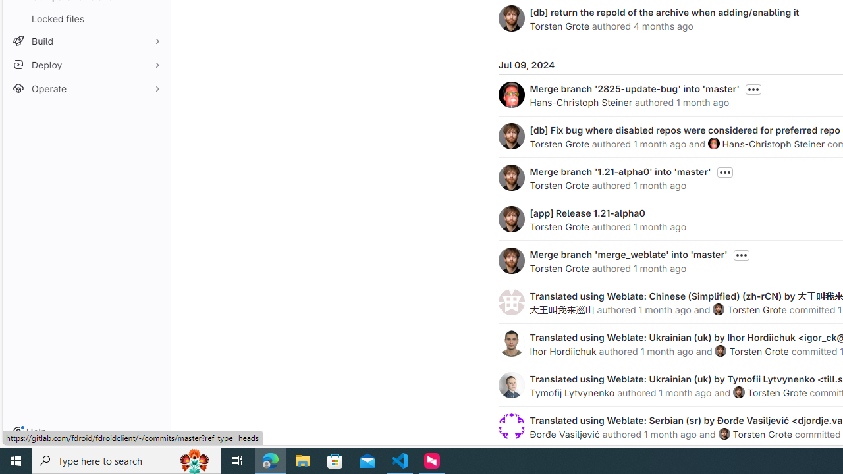  Describe the element at coordinates (510, 343) in the screenshot. I see `'Ihor Hordiichuk'` at that location.